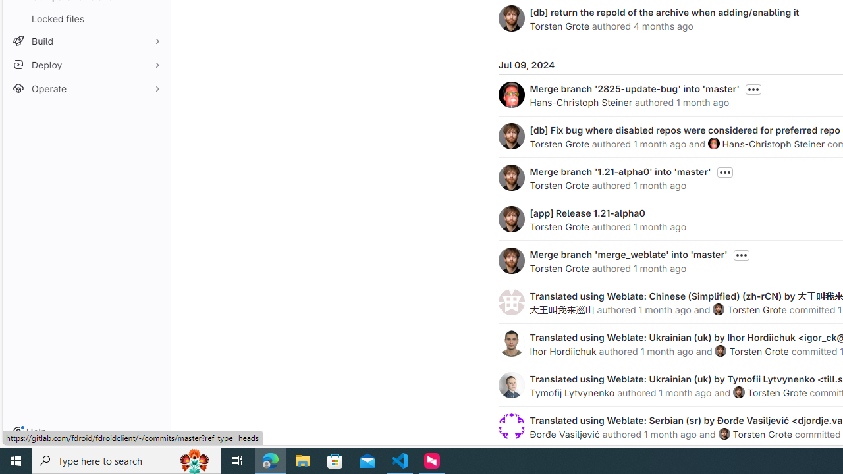  Describe the element at coordinates (510, 343) in the screenshot. I see `'Ihor Hordiichuk'` at that location.